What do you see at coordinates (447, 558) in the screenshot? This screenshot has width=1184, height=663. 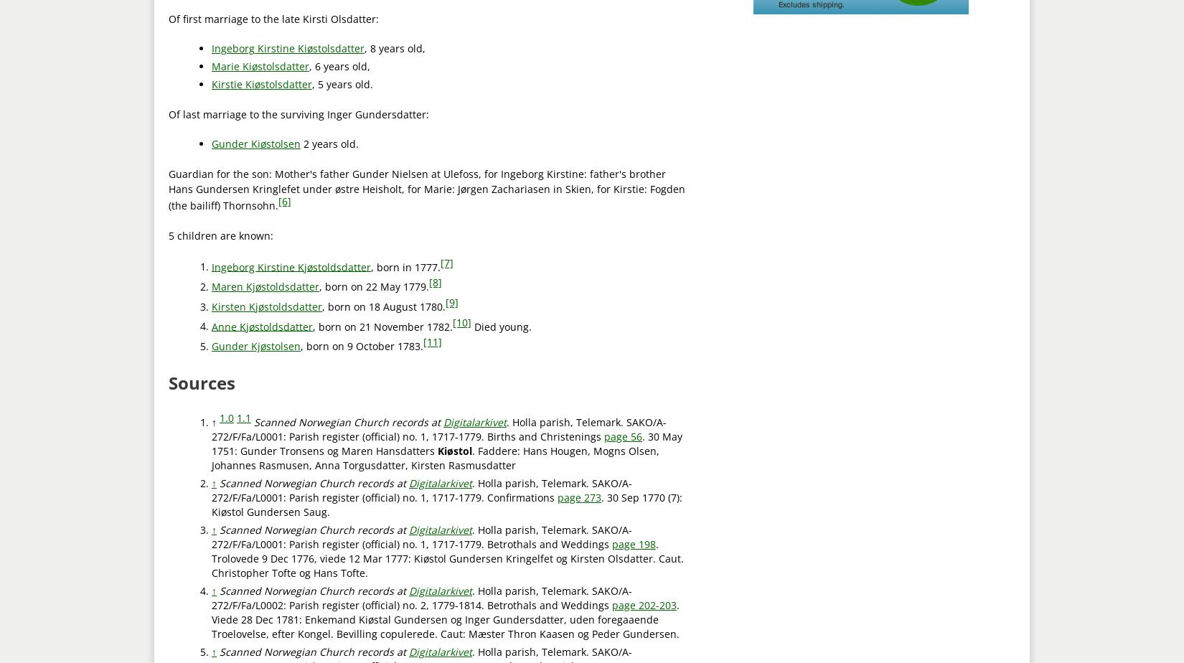 I see `'. Trolovede 9 Dec 1776, viede 12 Mar 1777: Kiøstol Gundersen Kringelfet og Kirsten Olsdatter. Caut. Christopher Tofte og Hans Tofte.'` at bounding box center [447, 558].